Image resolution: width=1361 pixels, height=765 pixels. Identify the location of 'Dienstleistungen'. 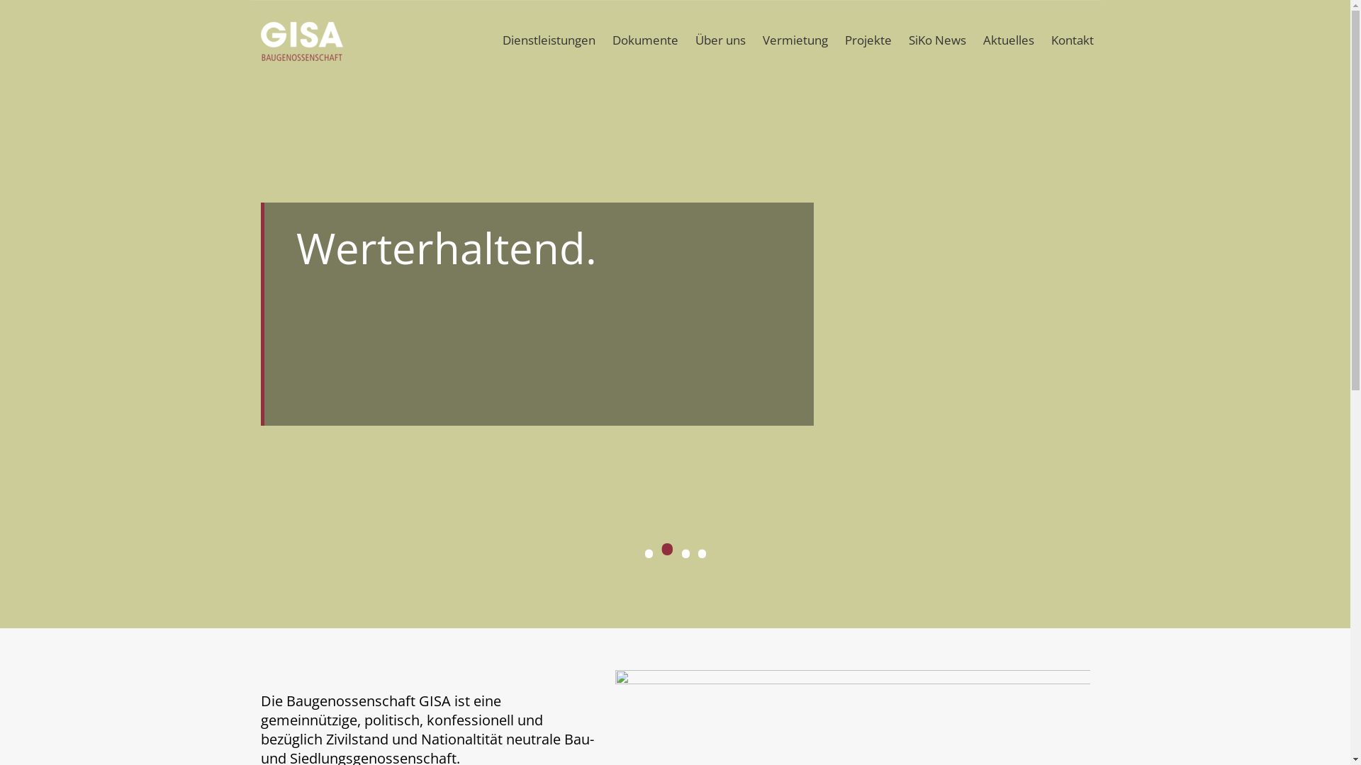
(494, 39).